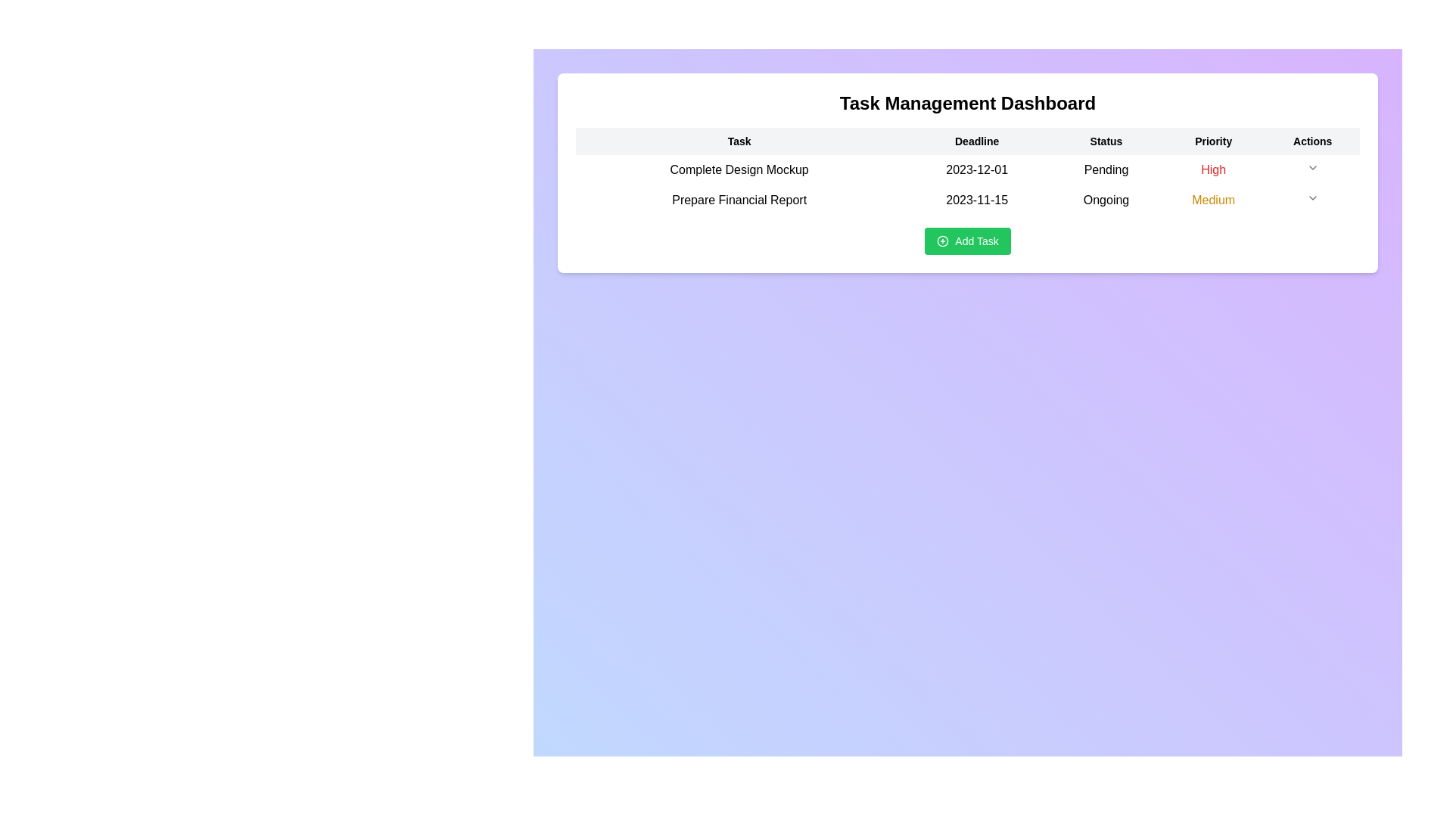 This screenshot has height=817, width=1453. Describe the element at coordinates (1213, 141) in the screenshot. I see `the fourth column header of the table, which specifies task priorities` at that location.